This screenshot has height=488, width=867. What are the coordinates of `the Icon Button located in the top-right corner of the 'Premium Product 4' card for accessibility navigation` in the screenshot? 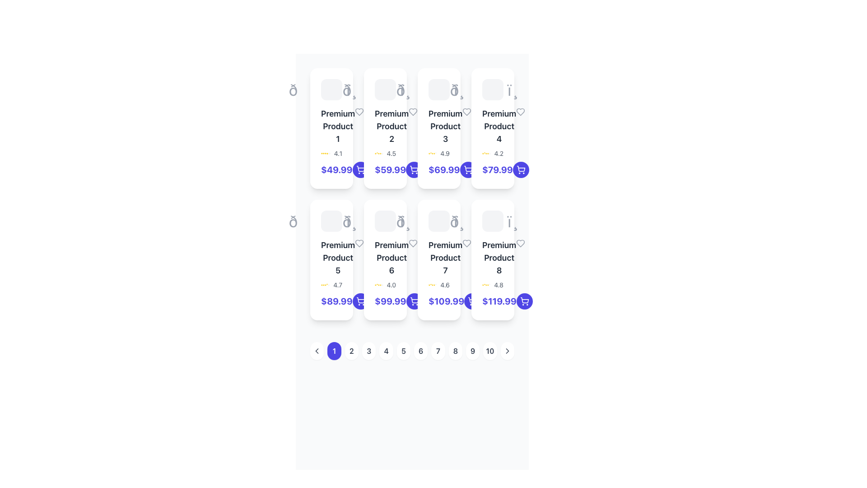 It's located at (521, 111).